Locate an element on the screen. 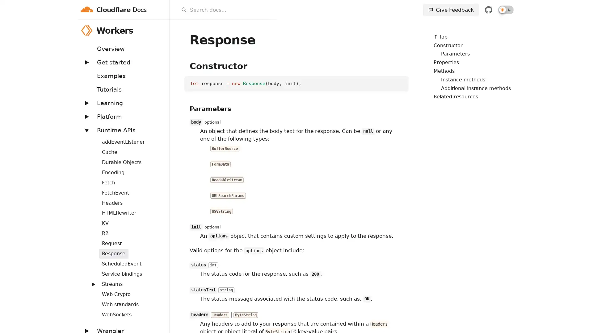 The width and height of the screenshot is (593, 333). Expand: Workers Sites is located at coordinates (90, 281).